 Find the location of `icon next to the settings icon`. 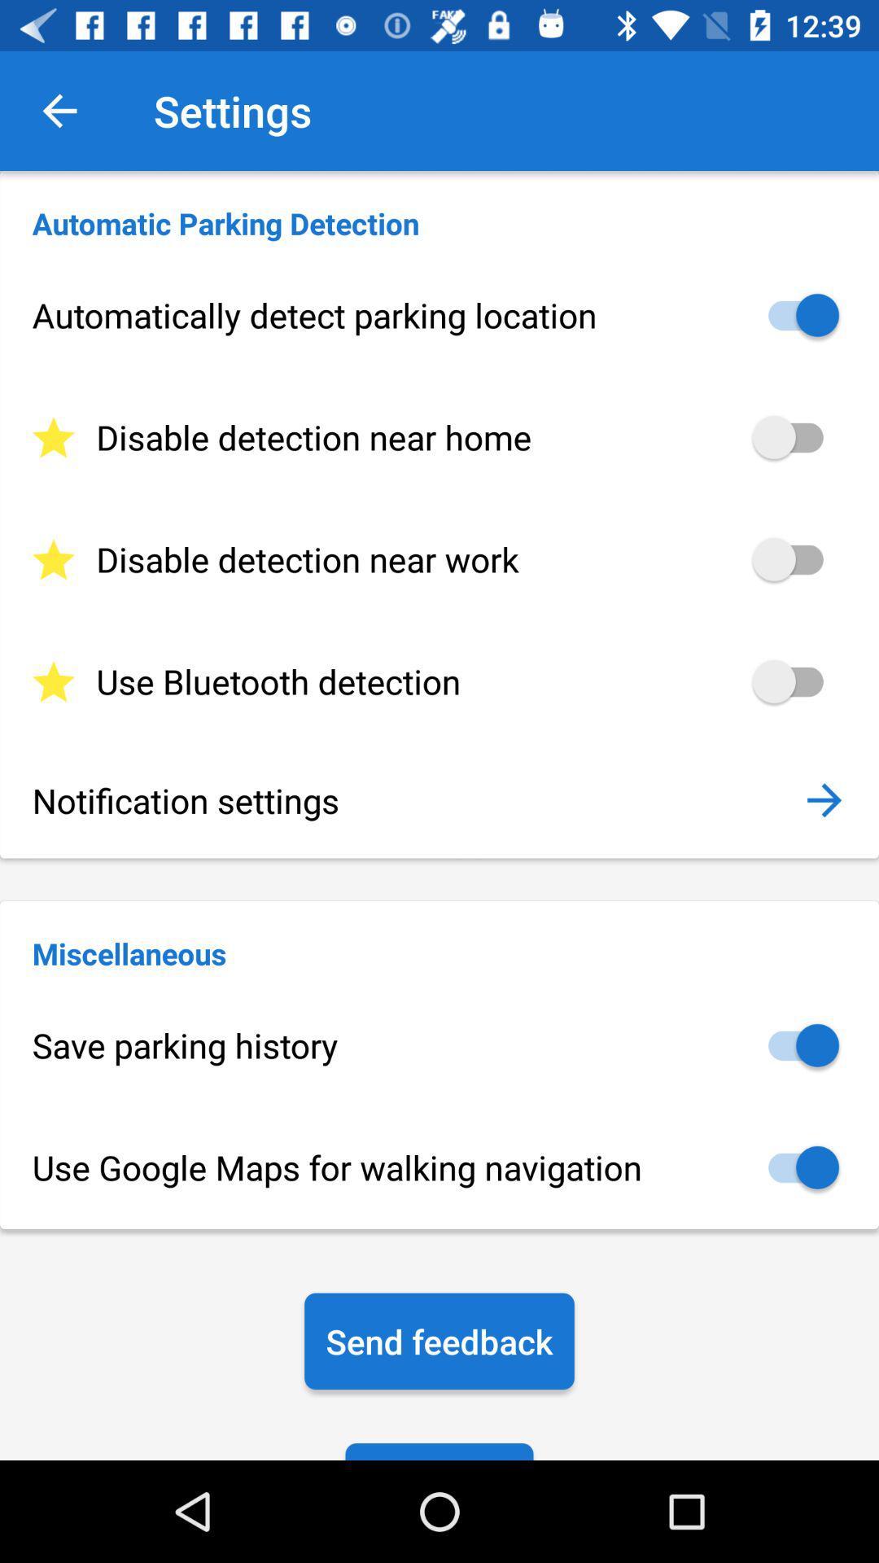

icon next to the settings icon is located at coordinates (59, 110).